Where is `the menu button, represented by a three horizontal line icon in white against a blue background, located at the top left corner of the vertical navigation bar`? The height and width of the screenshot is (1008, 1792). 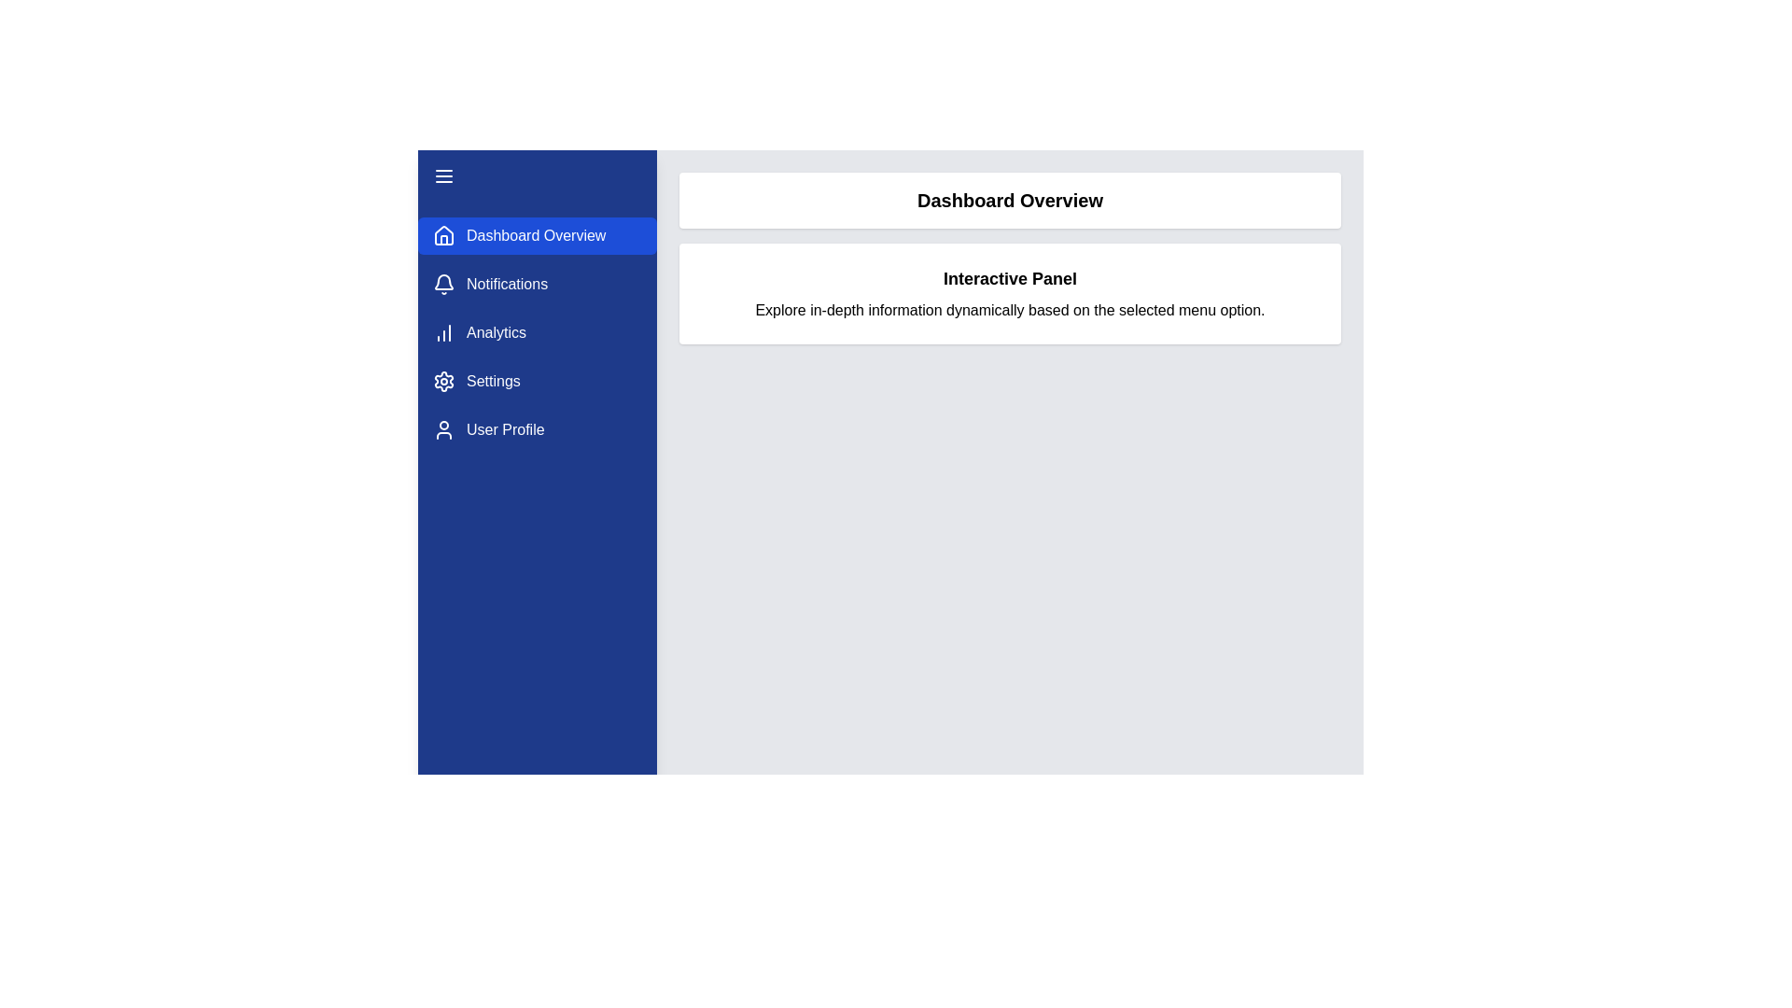 the menu button, represented by a three horizontal line icon in white against a blue background, located at the top left corner of the vertical navigation bar is located at coordinates (442, 176).